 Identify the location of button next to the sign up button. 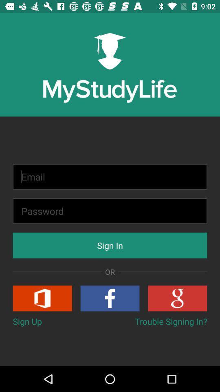
(171, 321).